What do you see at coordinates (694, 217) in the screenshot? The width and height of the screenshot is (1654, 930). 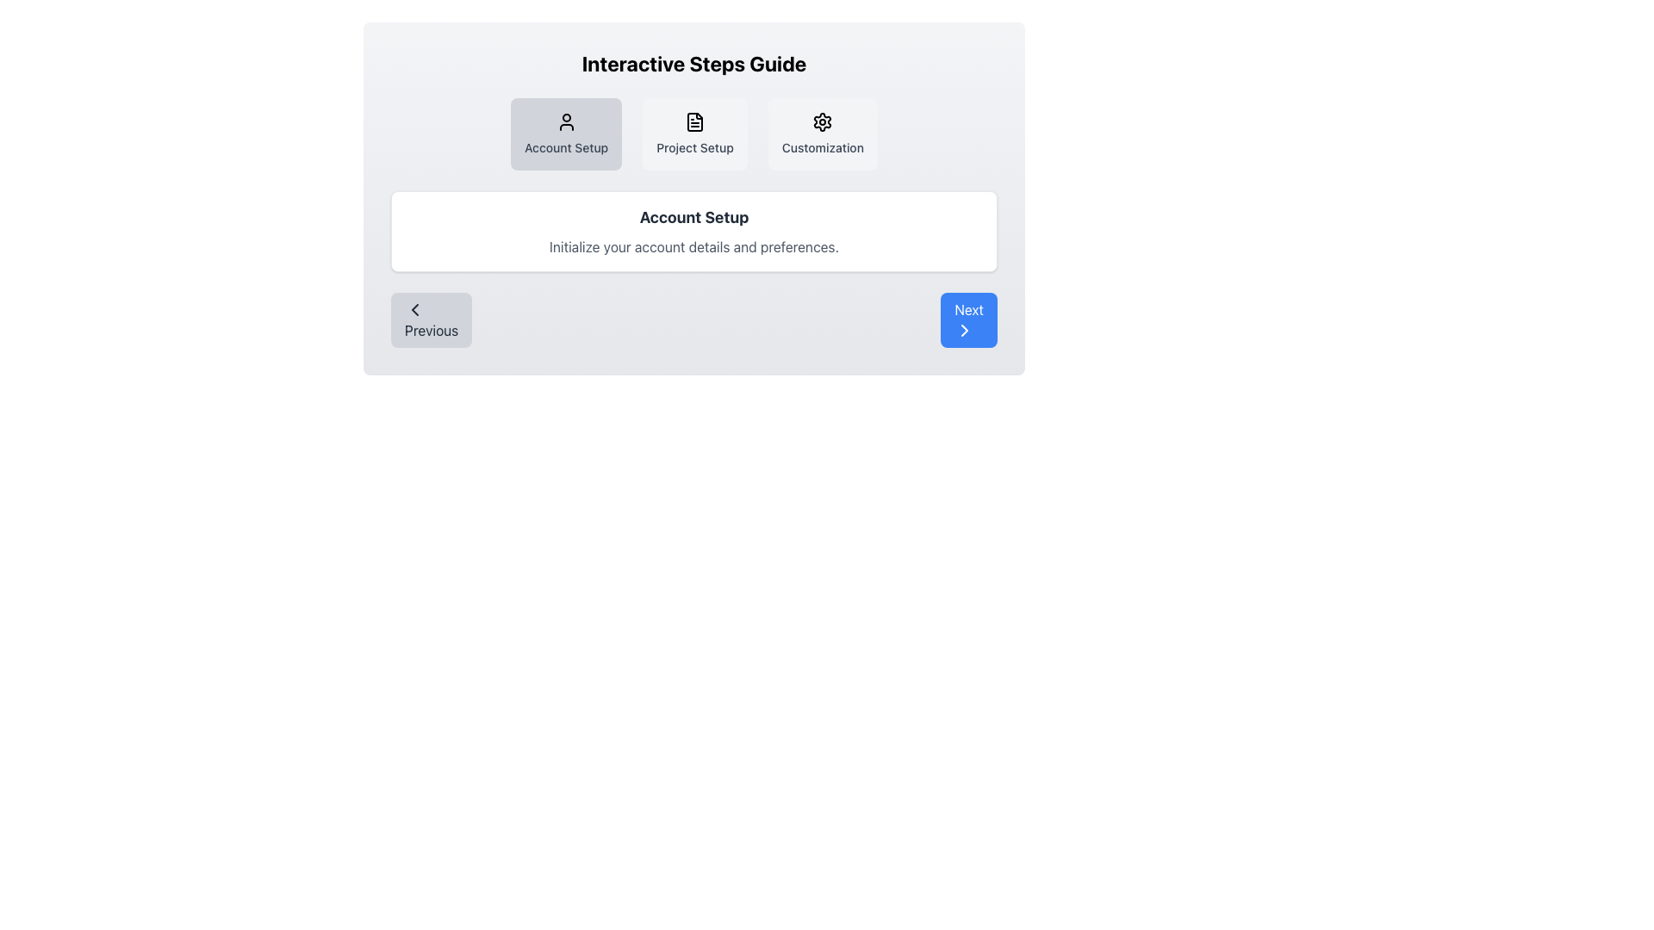 I see `the 'Account Setup' text label which is prominently displayed in a bold, large font inside a white card component` at bounding box center [694, 217].